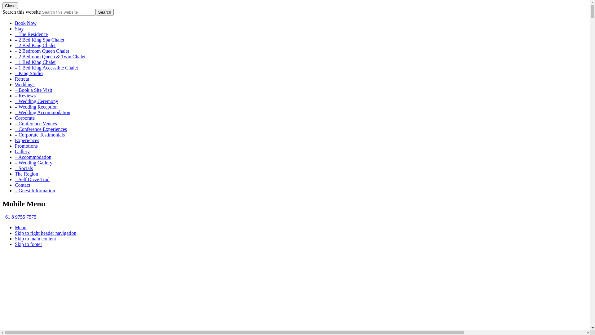 This screenshot has width=595, height=335. I want to click on 'Skip to right header navigation', so click(45, 233).